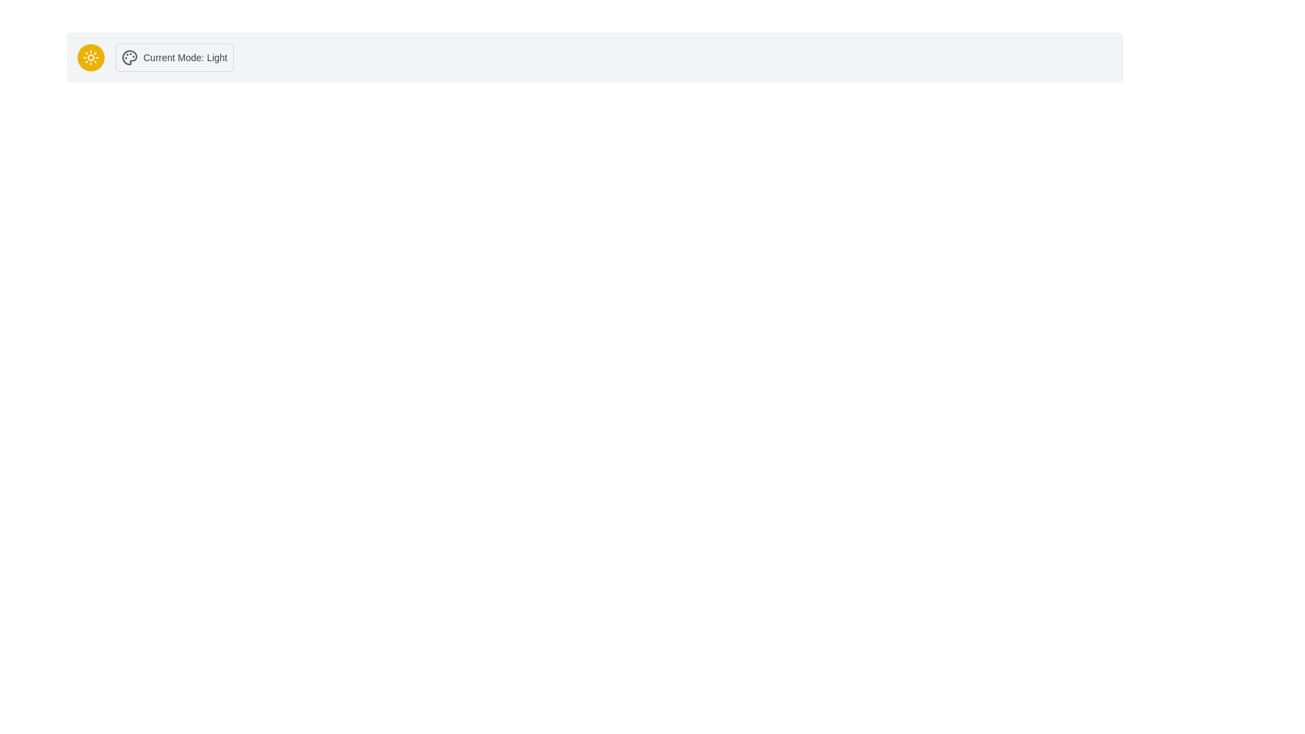 The height and width of the screenshot is (734, 1305). I want to click on the Informational display that shows 'Current Mode: Light' with a palette icon on the left, so click(173, 56).